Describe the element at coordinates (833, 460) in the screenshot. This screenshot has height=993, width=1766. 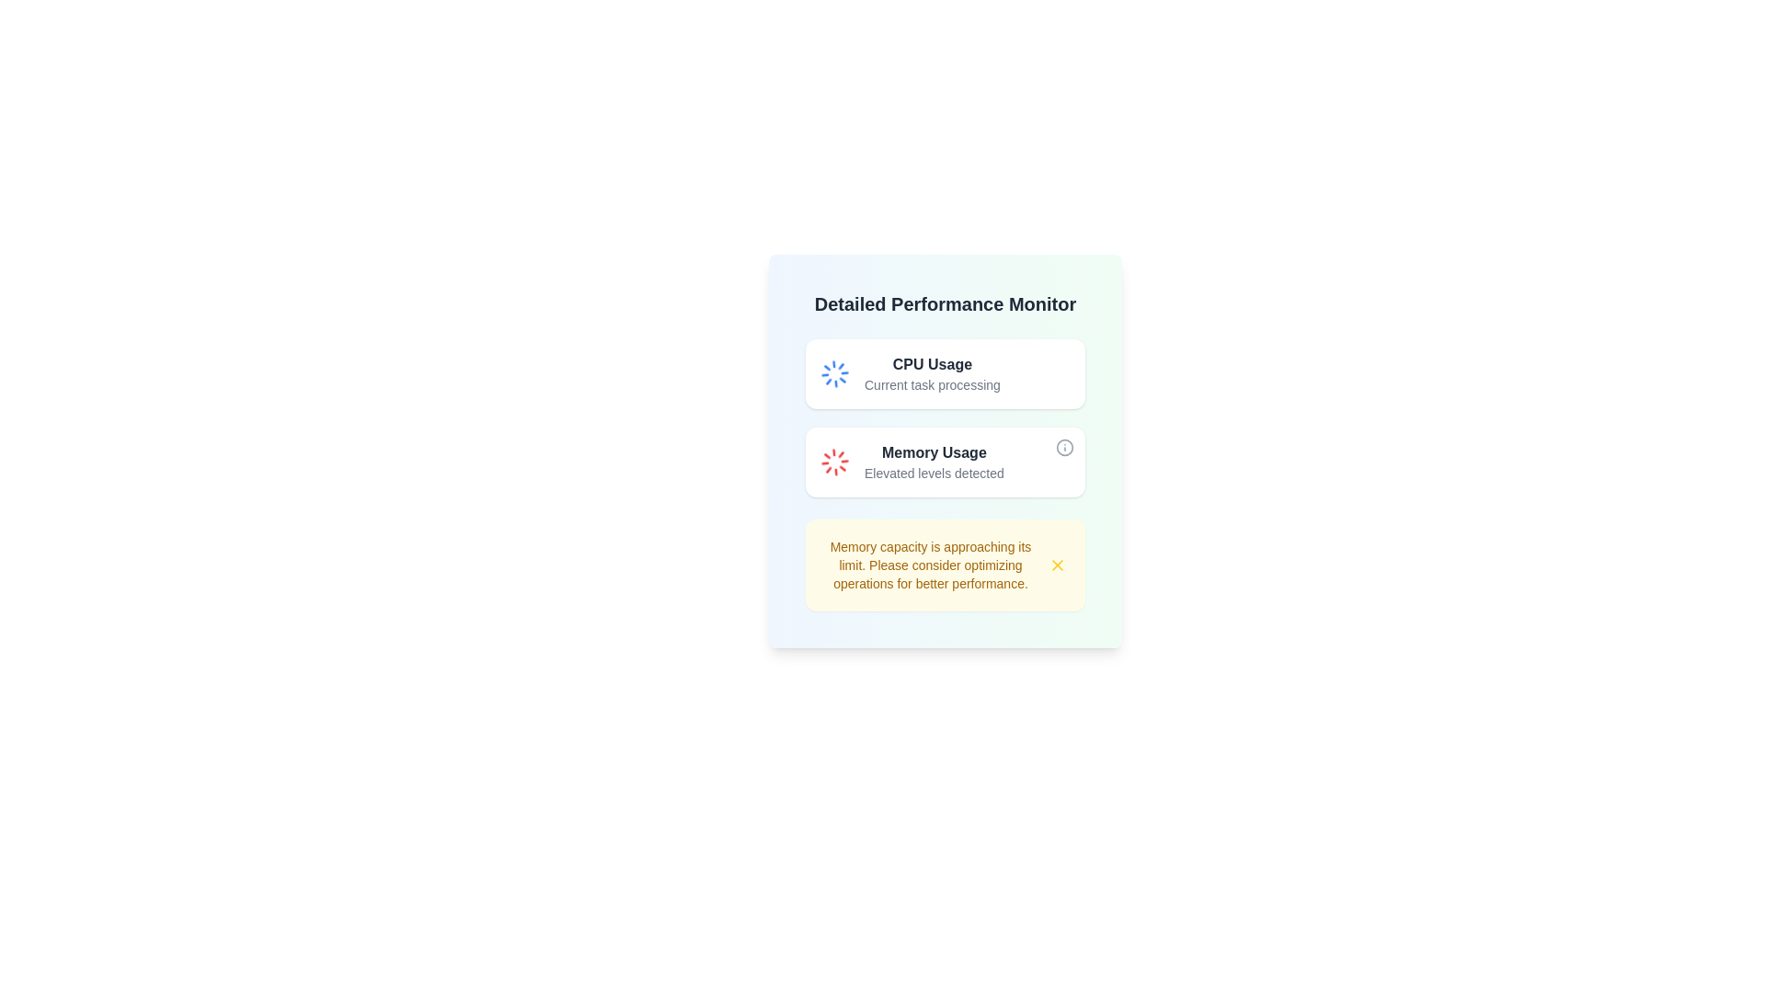
I see `the red circular loader icon located in the upper-left section of the 'Memory Usage' card, above the text 'Memory Usage' and 'Elevated levels detected'` at that location.